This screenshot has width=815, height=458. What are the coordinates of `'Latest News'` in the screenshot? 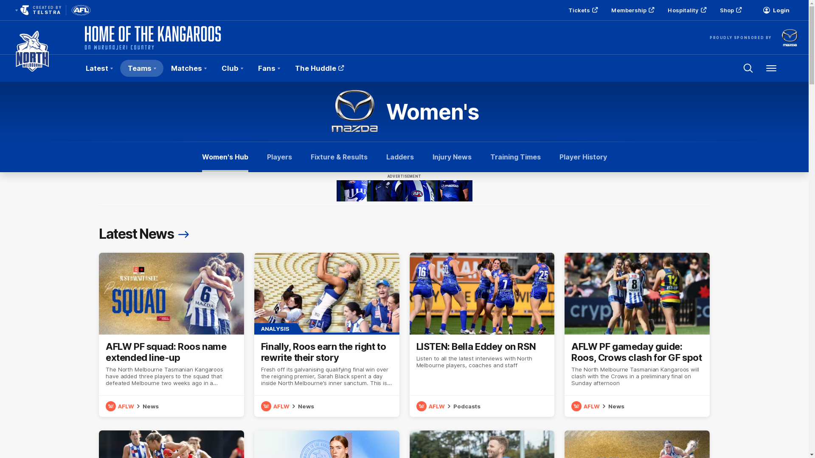 It's located at (145, 234).